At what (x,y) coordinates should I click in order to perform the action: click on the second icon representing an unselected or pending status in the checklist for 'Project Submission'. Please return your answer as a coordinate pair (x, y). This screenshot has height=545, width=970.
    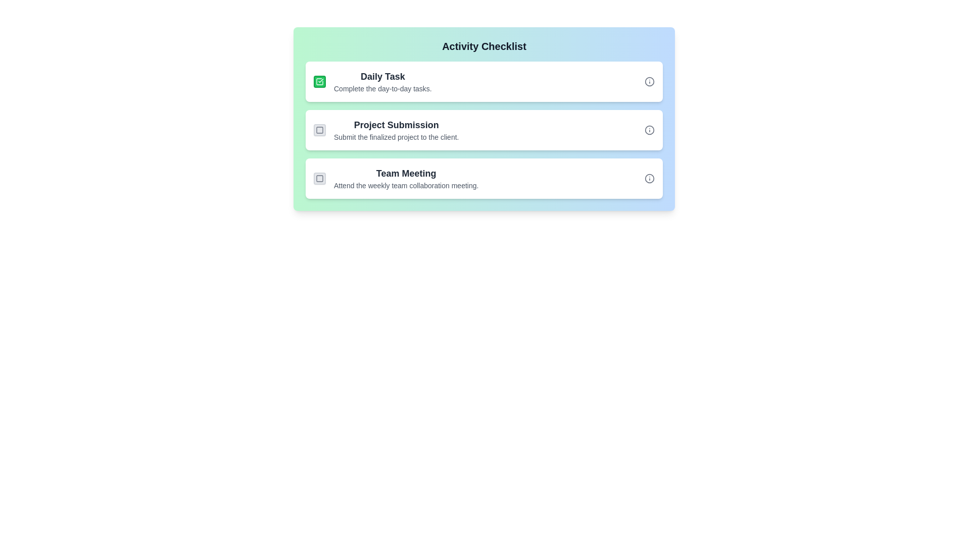
    Looking at the image, I should click on (319, 130).